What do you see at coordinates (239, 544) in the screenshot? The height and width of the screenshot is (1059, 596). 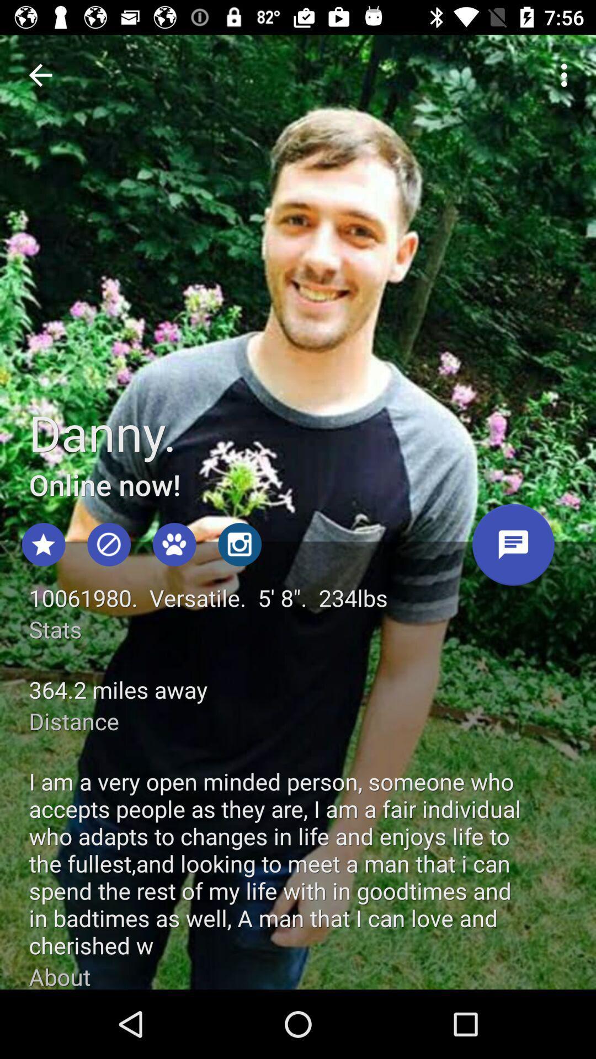 I see `the photo icon` at bounding box center [239, 544].